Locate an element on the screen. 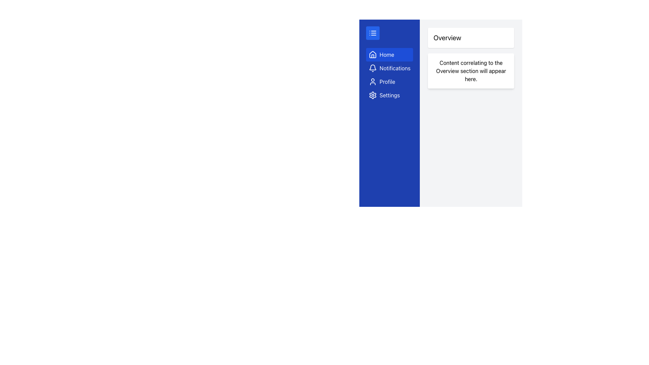 The image size is (649, 365). the bell icon located within the blue button labeled 'Notifications' in the sidebar, positioned directly below the 'Home' section is located at coordinates (372, 68).